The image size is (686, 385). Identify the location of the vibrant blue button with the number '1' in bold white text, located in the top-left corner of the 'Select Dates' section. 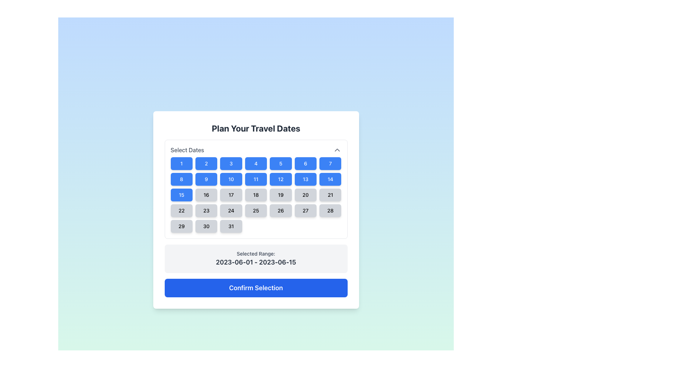
(182, 164).